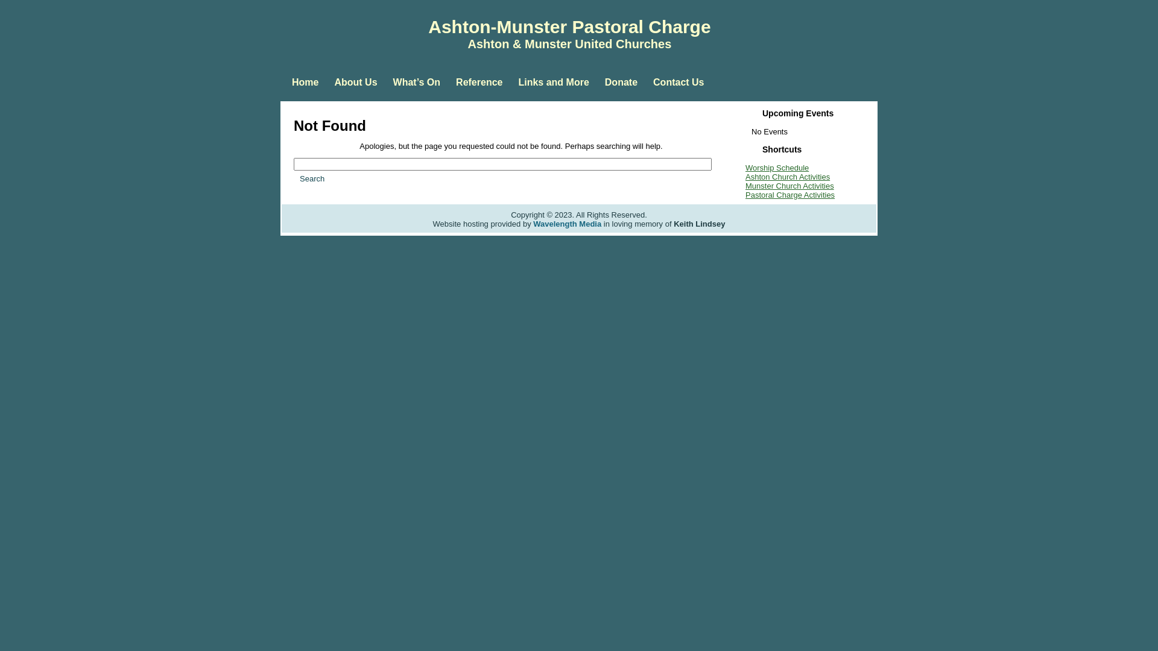 This screenshot has height=651, width=1158. What do you see at coordinates (790, 194) in the screenshot?
I see `'Pastoral Charge Activities'` at bounding box center [790, 194].